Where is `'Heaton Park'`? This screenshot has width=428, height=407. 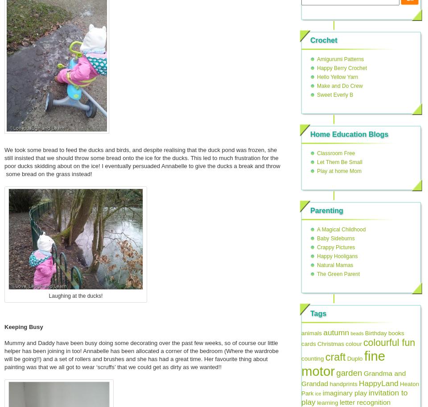 'Heaton Park' is located at coordinates (360, 389).